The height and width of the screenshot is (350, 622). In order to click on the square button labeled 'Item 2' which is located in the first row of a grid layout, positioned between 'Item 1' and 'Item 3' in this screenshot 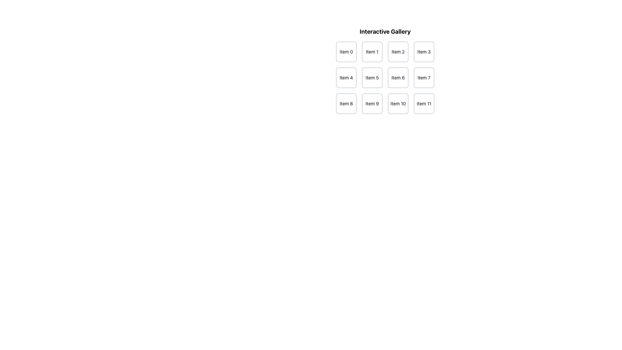, I will do `click(397, 51)`.